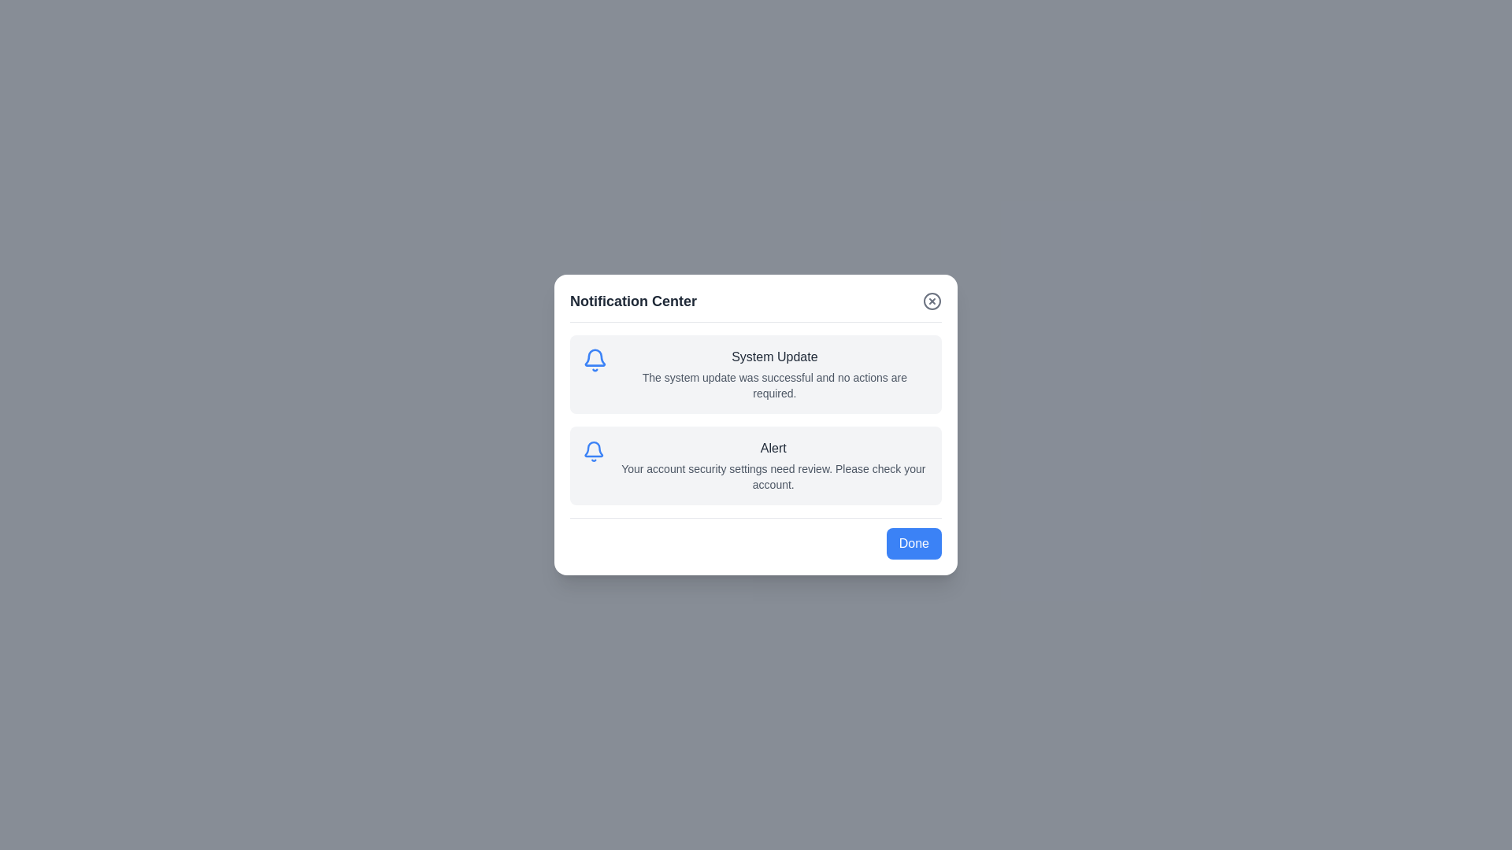  Describe the element at coordinates (932, 301) in the screenshot. I see `the close button to dismiss the notification center` at that location.